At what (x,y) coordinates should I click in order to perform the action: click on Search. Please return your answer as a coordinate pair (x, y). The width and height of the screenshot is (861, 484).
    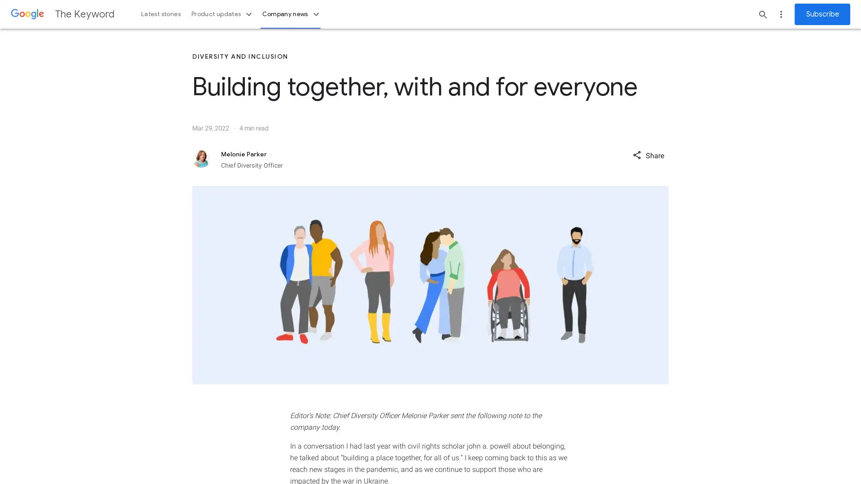
    Looking at the image, I should click on (763, 14).